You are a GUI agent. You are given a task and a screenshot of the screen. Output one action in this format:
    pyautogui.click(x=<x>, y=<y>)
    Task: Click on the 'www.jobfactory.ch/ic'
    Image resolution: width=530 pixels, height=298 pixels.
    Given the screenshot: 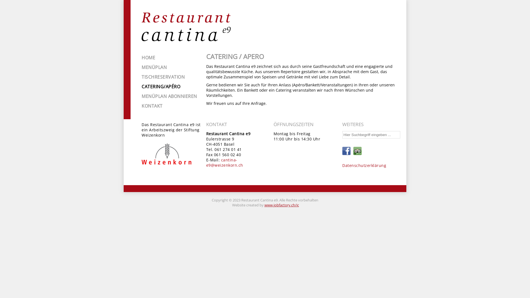 What is the action you would take?
    pyautogui.click(x=282, y=205)
    